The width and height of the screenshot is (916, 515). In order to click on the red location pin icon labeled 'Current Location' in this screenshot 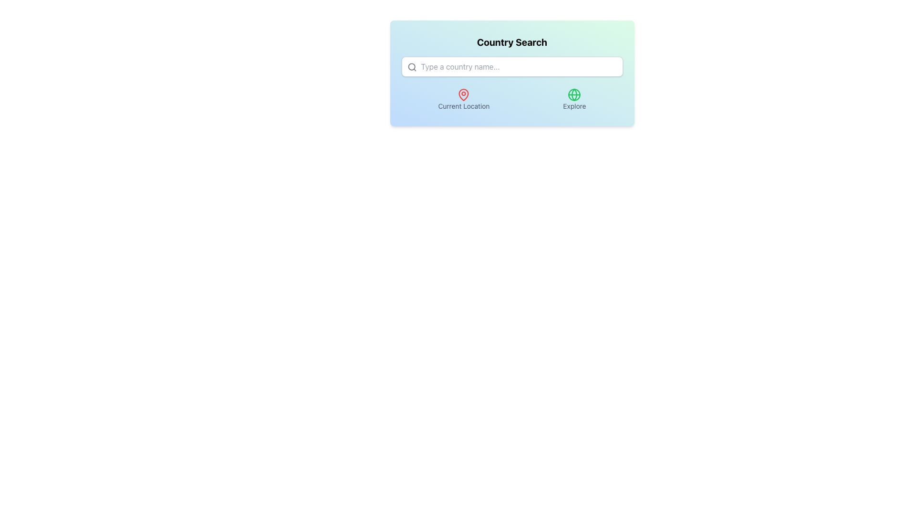, I will do `click(464, 95)`.